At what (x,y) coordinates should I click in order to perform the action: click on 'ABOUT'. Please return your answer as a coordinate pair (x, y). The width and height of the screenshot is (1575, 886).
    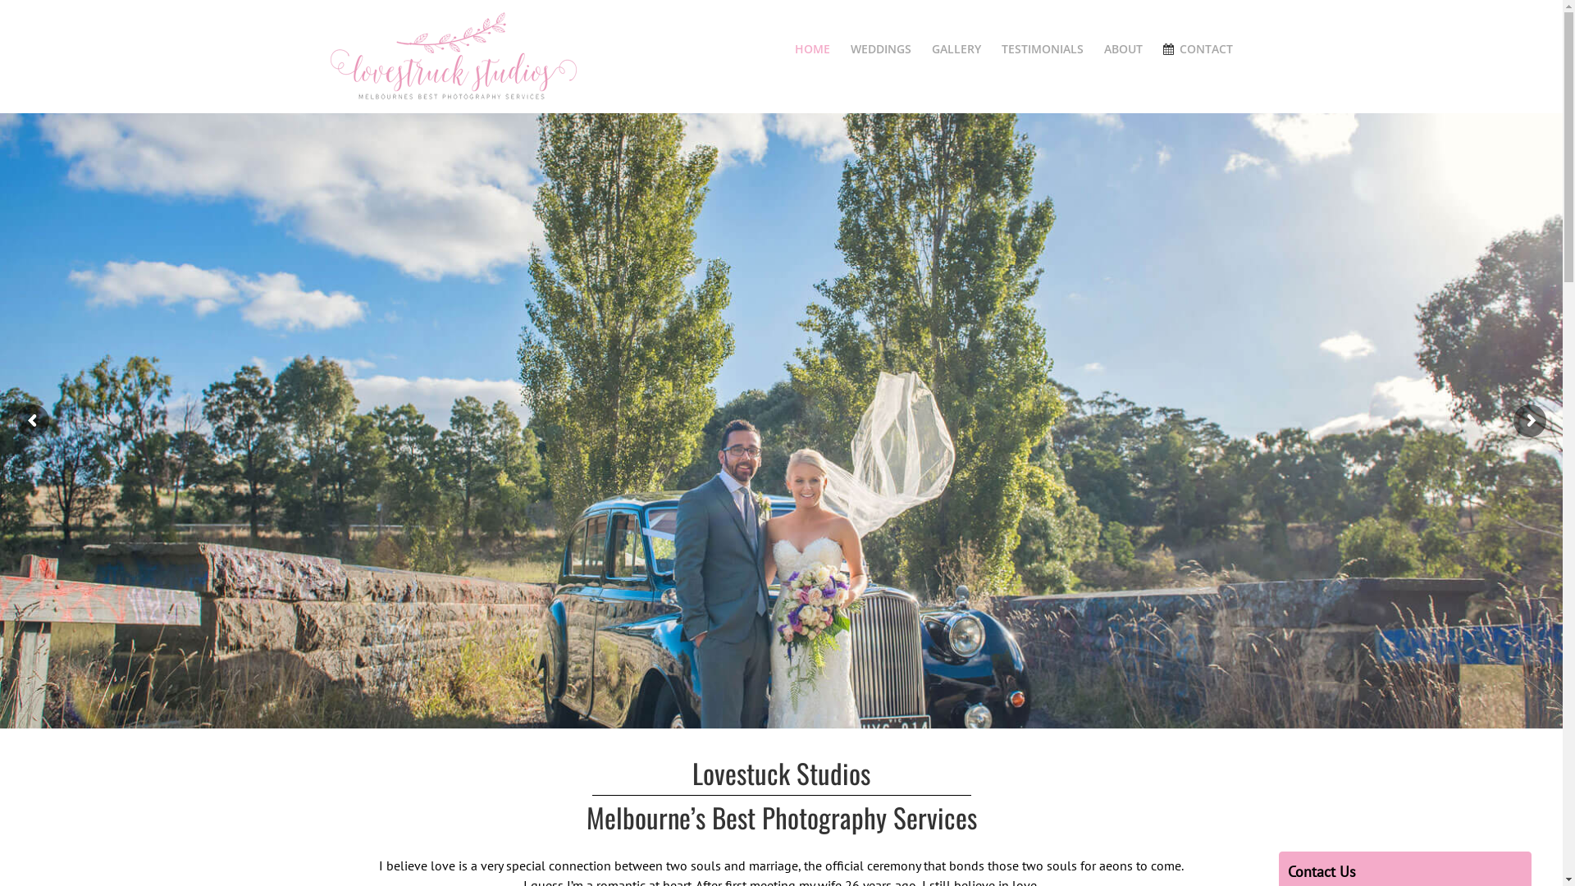
    Looking at the image, I should click on (1122, 48).